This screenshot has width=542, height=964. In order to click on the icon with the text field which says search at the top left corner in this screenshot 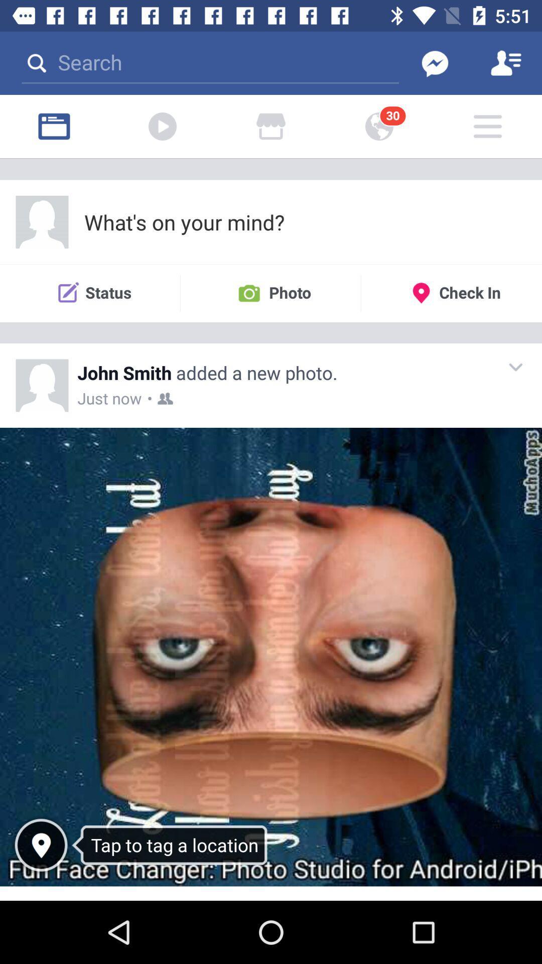, I will do `click(210, 62)`.